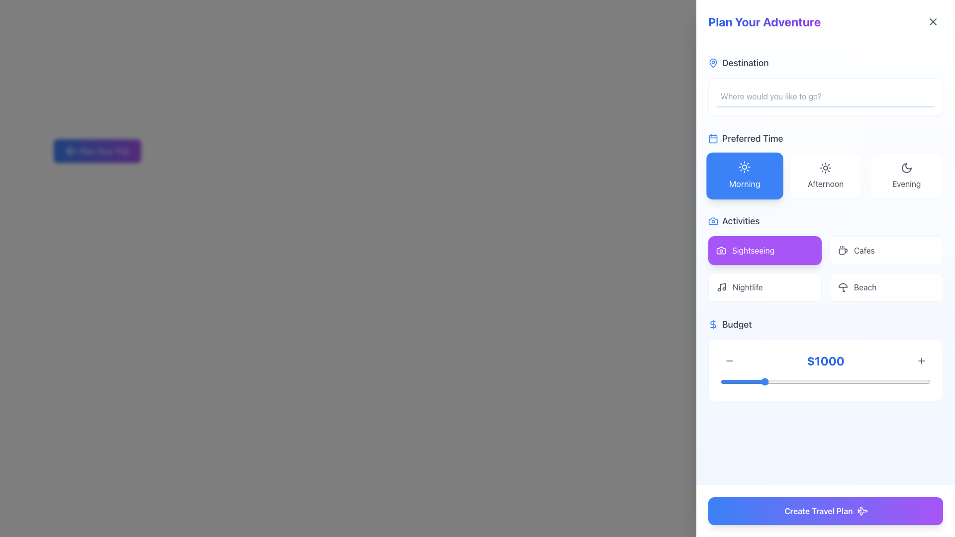 The height and width of the screenshot is (537, 955). What do you see at coordinates (826, 168) in the screenshot?
I see `the circular sun icon with rays extending outward located in the 'Afternoon' option area of the 'Preferred Time' section` at bounding box center [826, 168].